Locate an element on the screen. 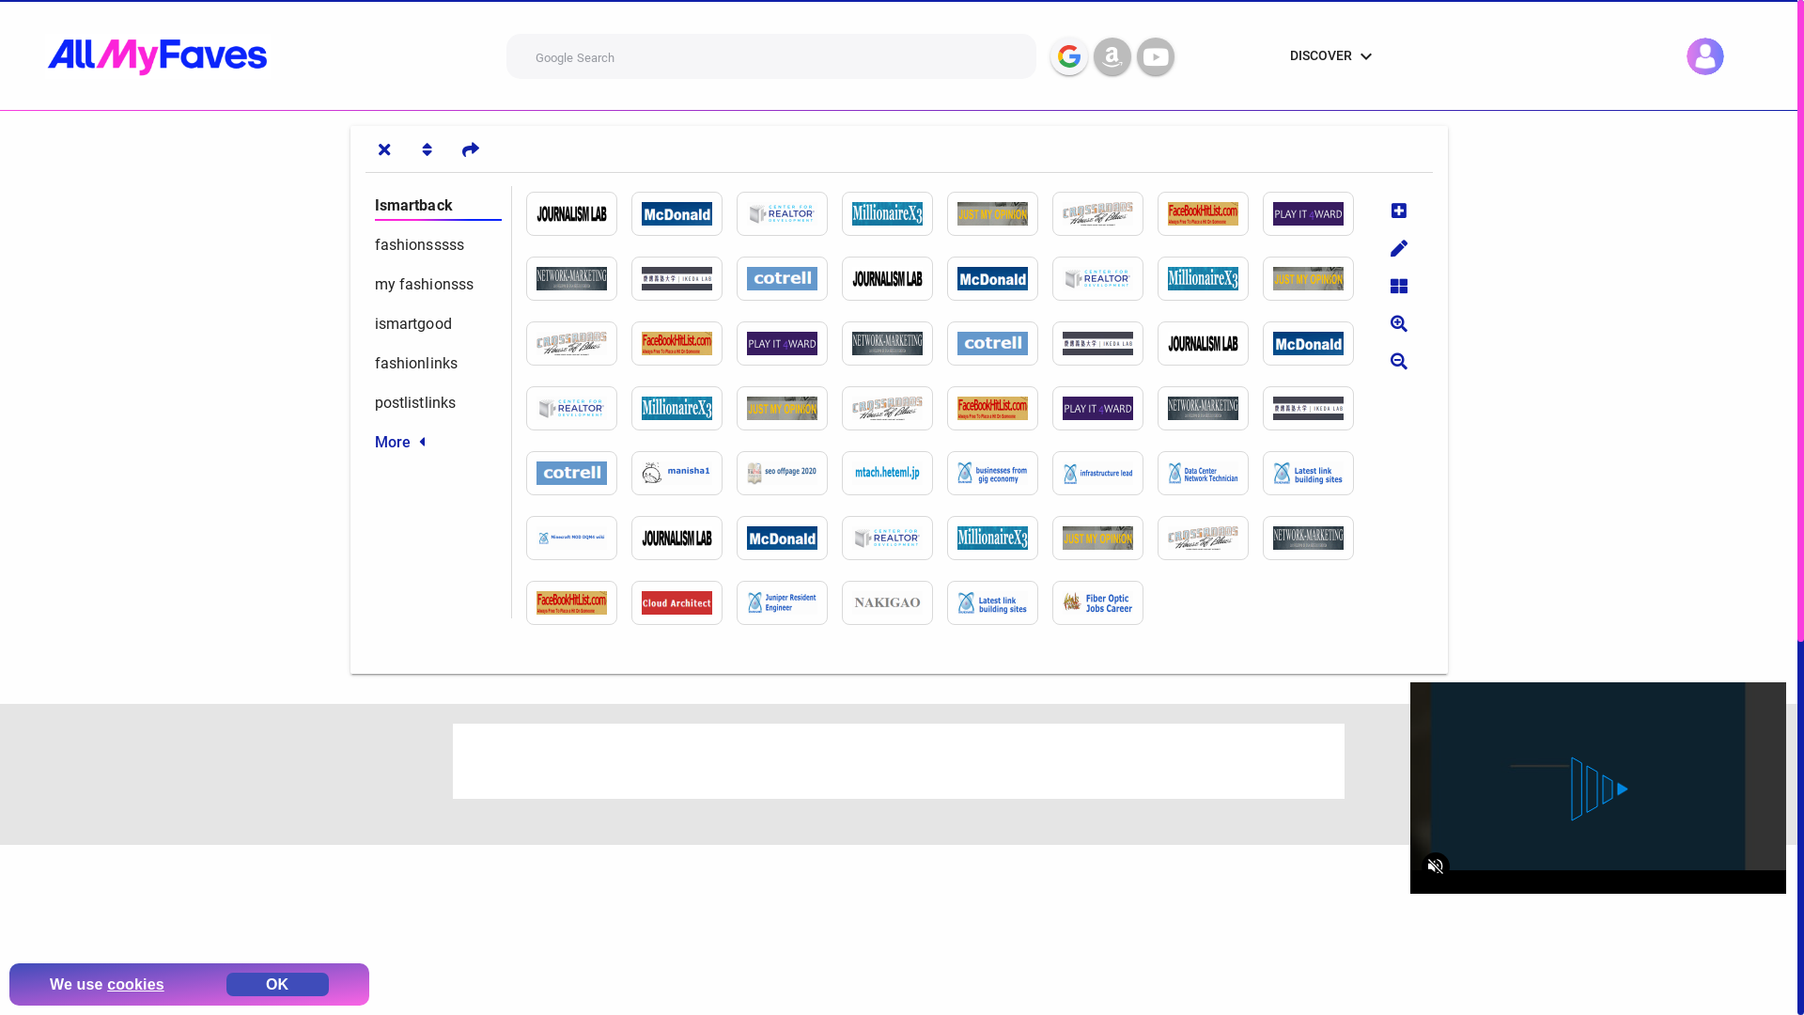  'Youtube Search' is located at coordinates (1154, 55).